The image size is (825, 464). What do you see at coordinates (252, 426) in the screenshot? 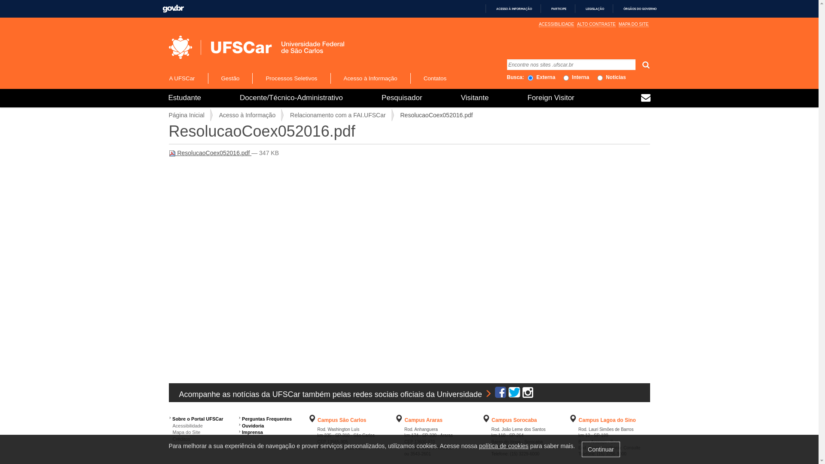
I see `'Ouvidoria'` at bounding box center [252, 426].